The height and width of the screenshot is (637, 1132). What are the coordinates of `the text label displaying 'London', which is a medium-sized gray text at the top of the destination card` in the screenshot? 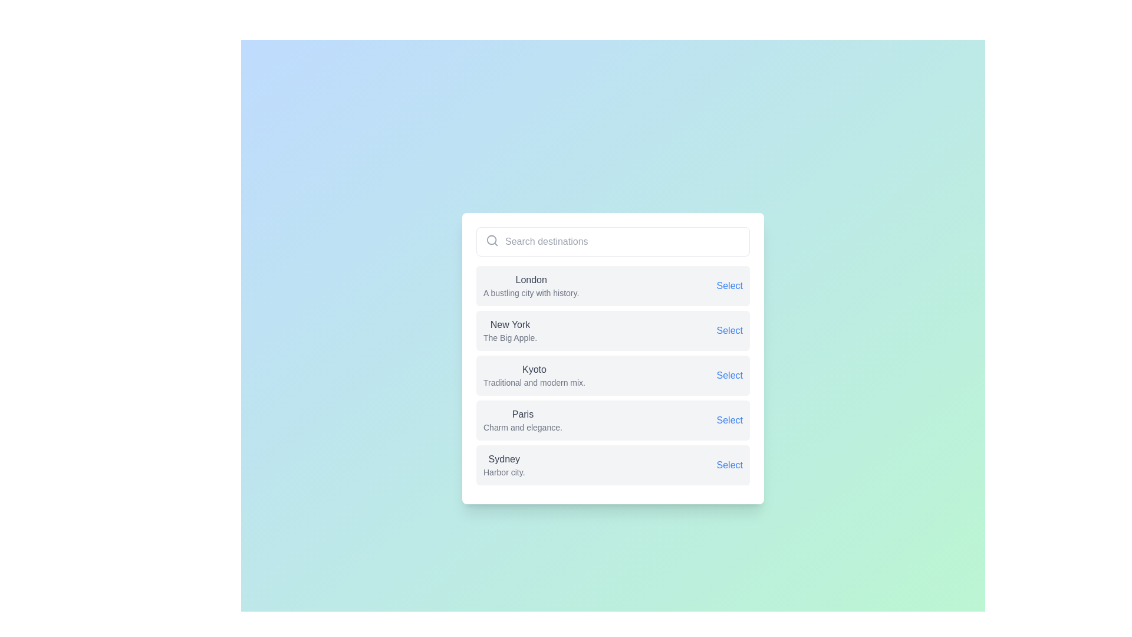 It's located at (531, 280).